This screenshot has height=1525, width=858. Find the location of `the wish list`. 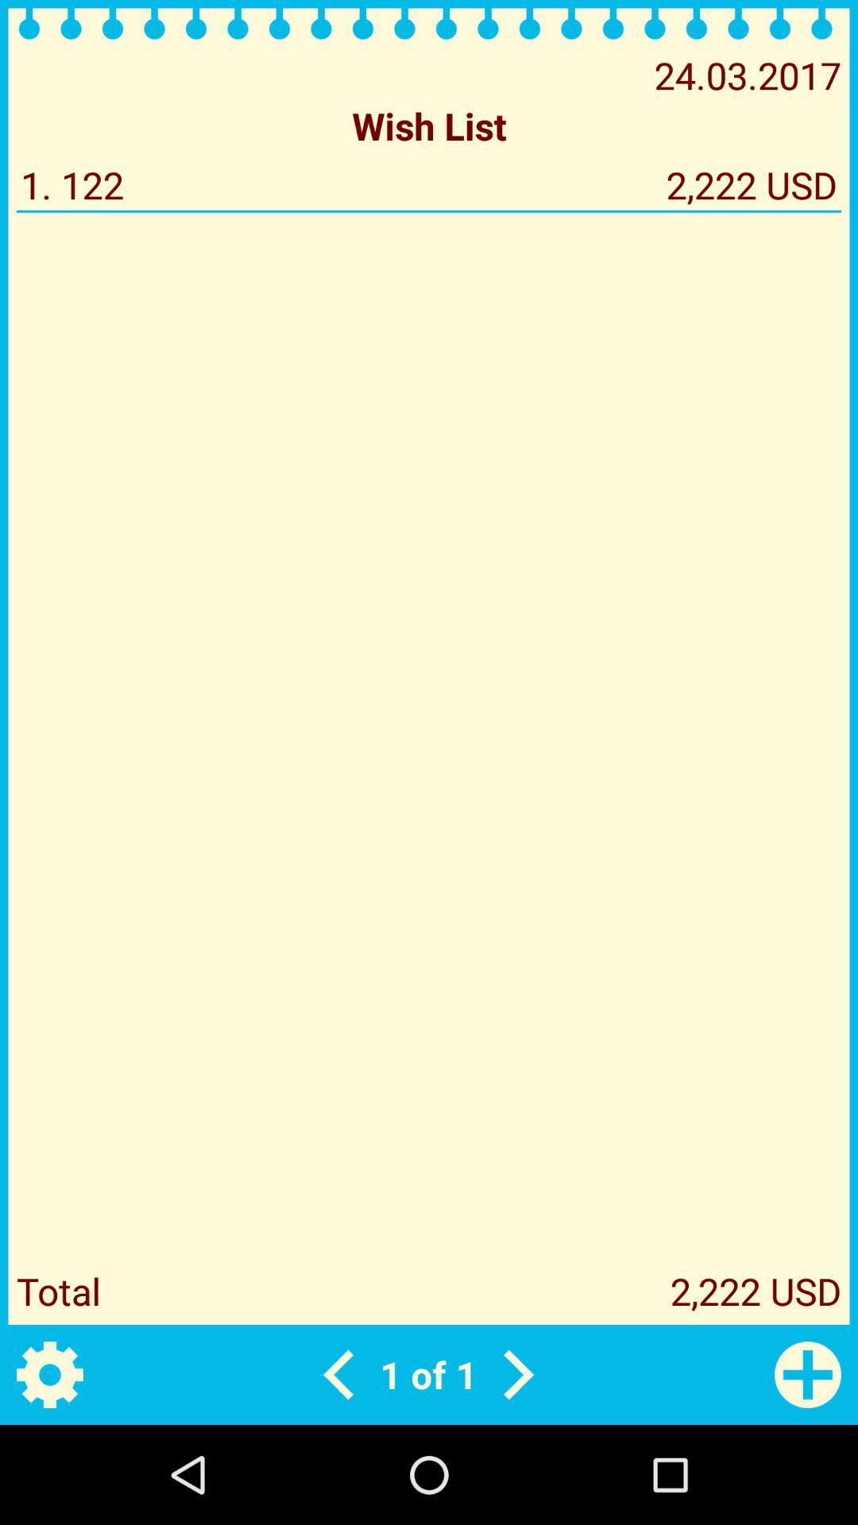

the wish list is located at coordinates (429, 125).